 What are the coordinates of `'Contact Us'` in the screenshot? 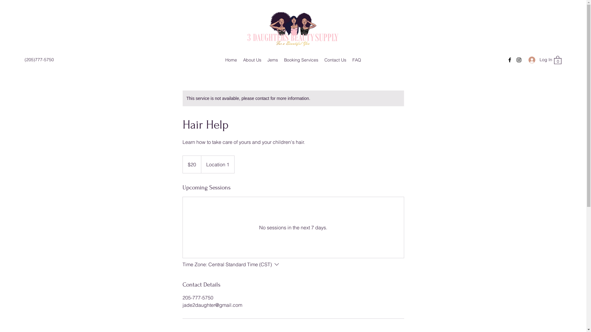 It's located at (335, 60).